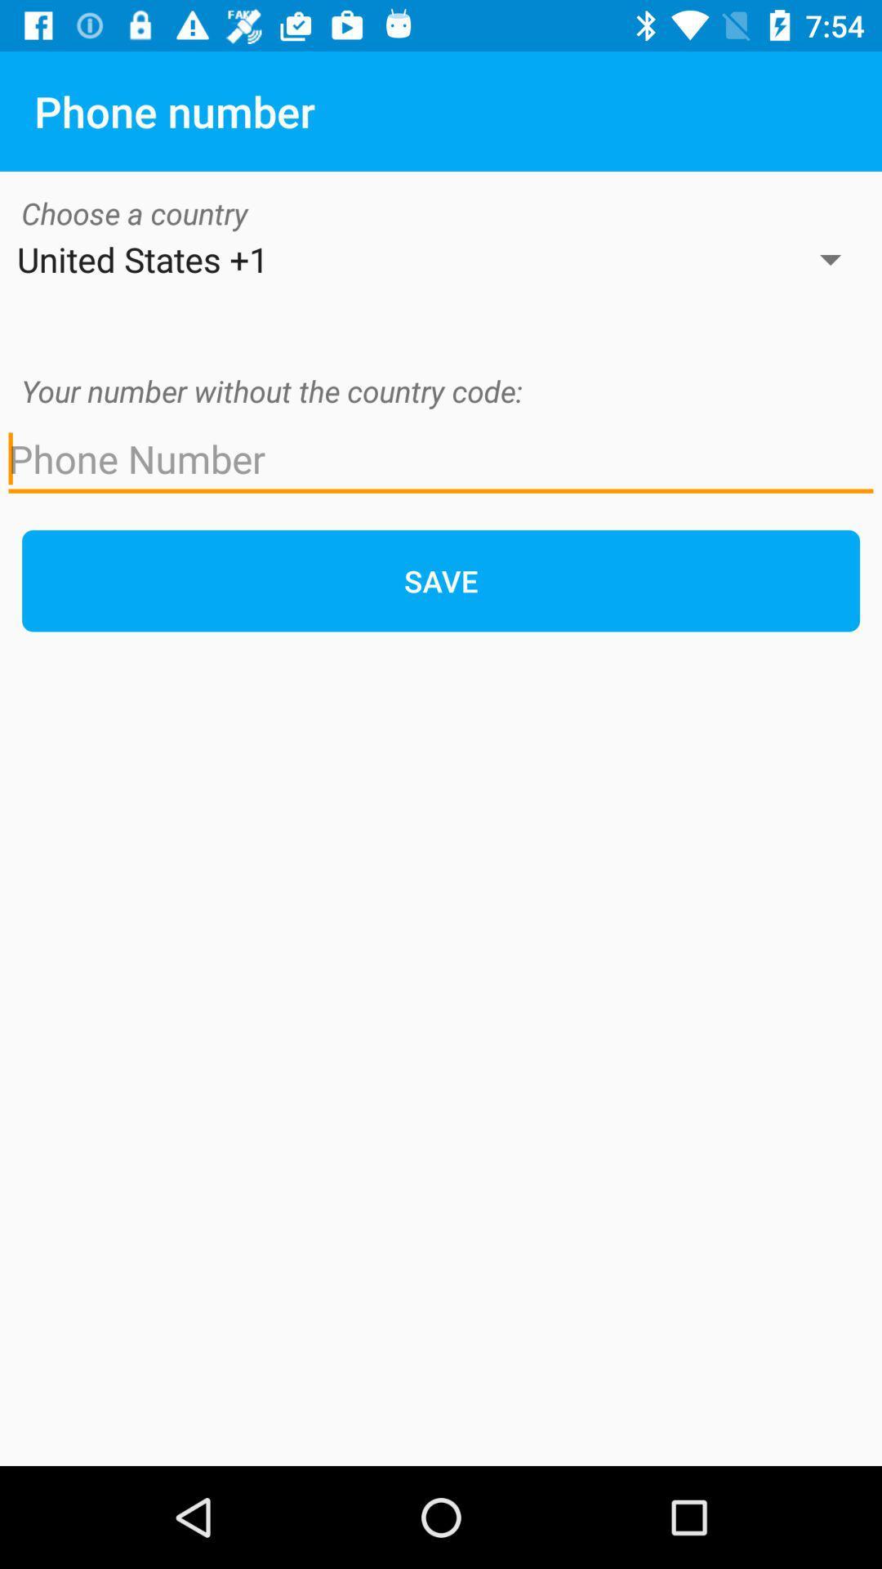  Describe the element at coordinates (441, 458) in the screenshot. I see `phone number entry field` at that location.